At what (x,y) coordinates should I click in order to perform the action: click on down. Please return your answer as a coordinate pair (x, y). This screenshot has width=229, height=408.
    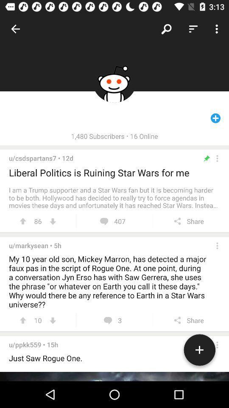
    Looking at the image, I should click on (53, 320).